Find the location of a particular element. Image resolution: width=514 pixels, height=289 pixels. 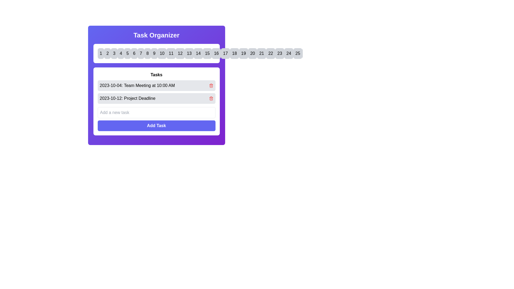

the rounded rectangular button with a gray background and the number '9' centered in black text is located at coordinates (154, 54).